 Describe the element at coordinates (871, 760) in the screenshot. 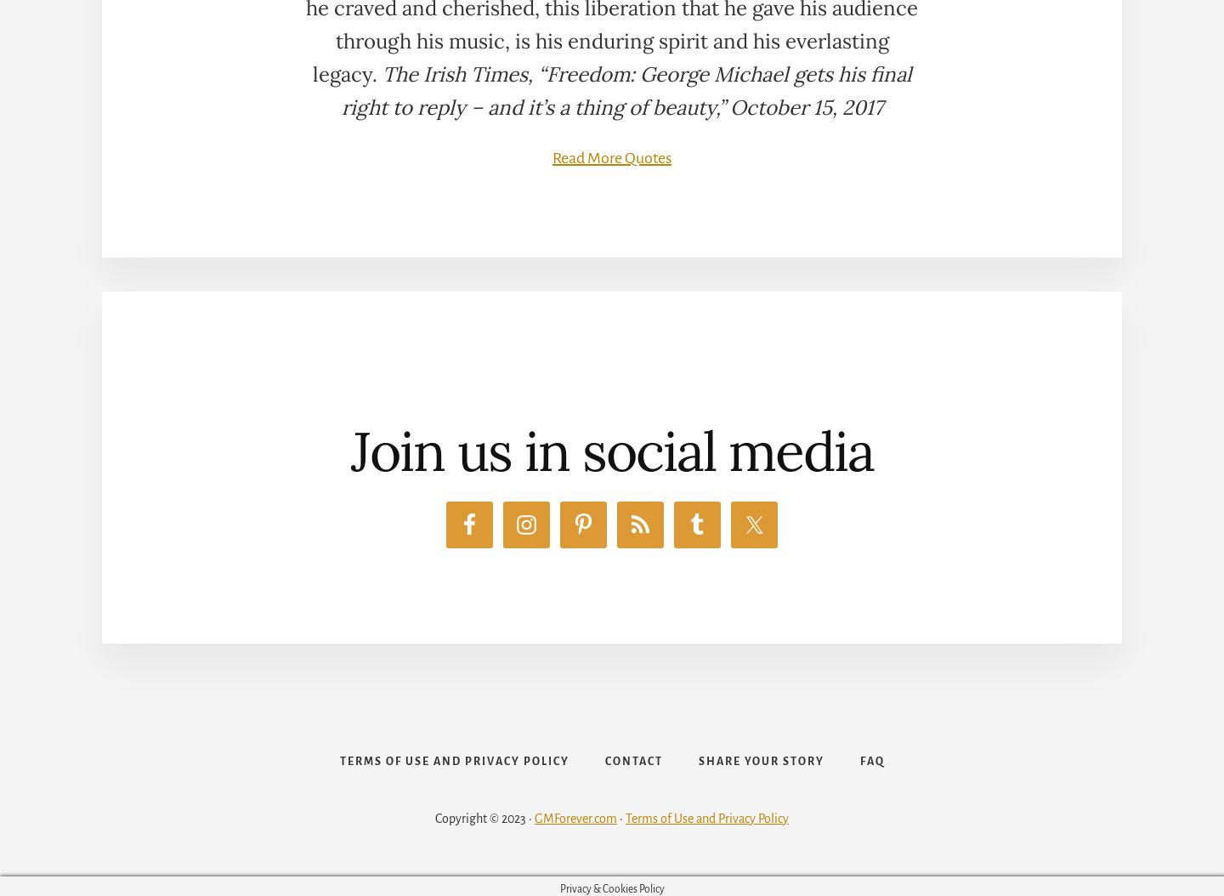

I see `'FAQ'` at that location.